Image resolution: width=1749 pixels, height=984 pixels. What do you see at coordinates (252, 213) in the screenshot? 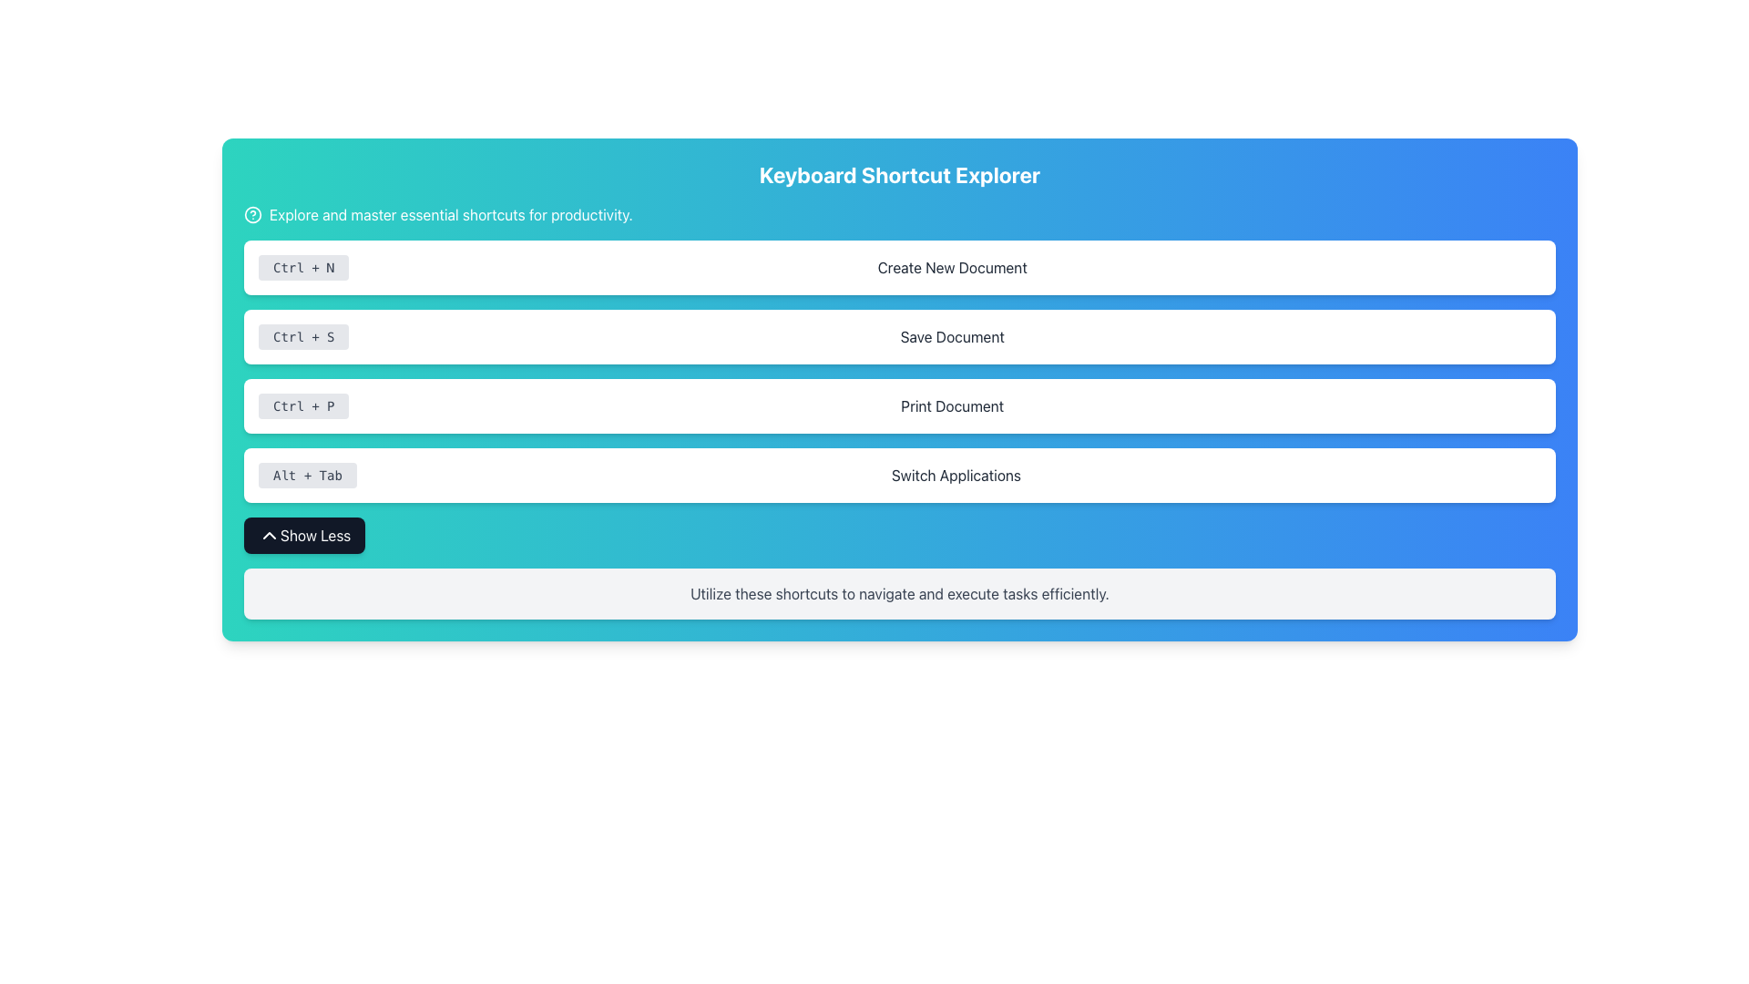
I see `the help icon positioned to the far left of the heading text 'Explore and master essential shortcuts for productivity.'` at bounding box center [252, 213].